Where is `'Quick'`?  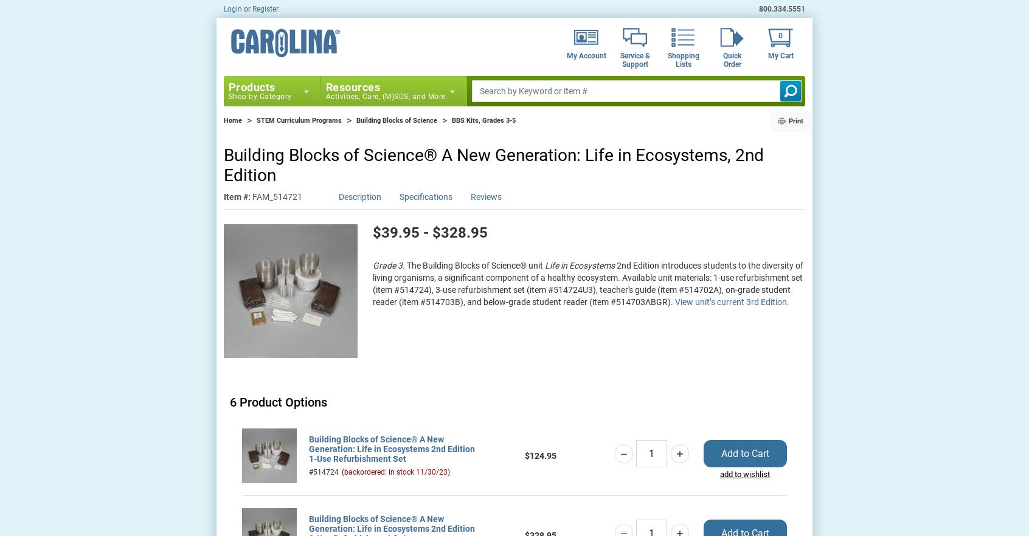 'Quick' is located at coordinates (722, 55).